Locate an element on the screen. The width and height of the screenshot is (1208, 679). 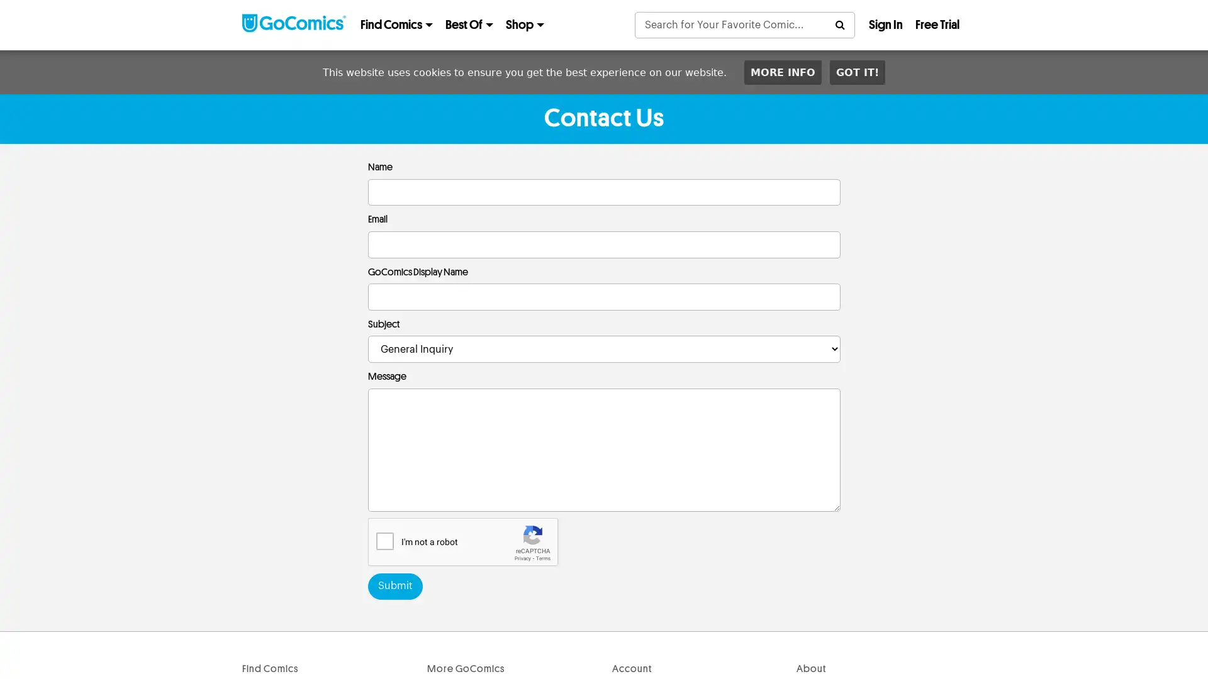
Submit Search is located at coordinates (839, 25).